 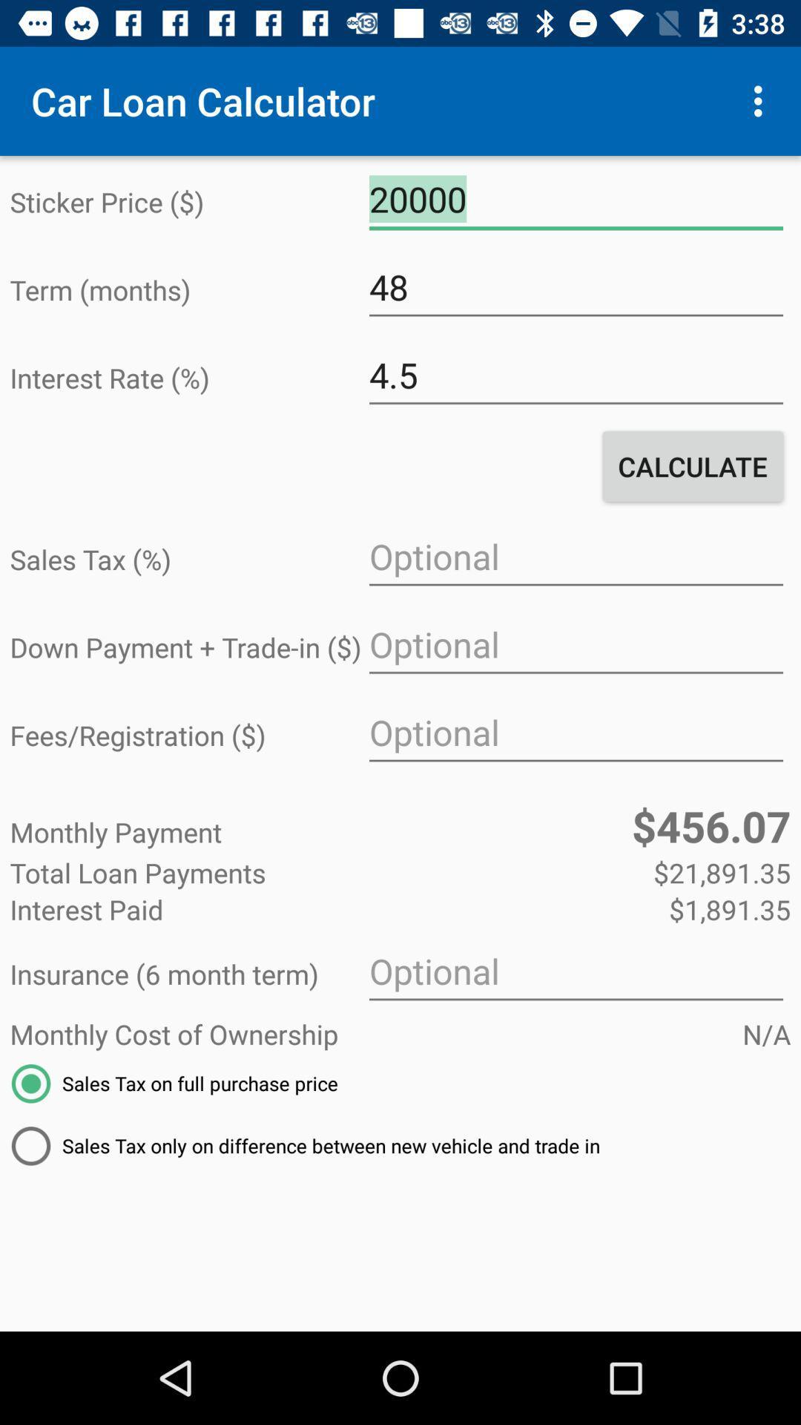 What do you see at coordinates (575, 733) in the screenshot?
I see `fees/registration` at bounding box center [575, 733].